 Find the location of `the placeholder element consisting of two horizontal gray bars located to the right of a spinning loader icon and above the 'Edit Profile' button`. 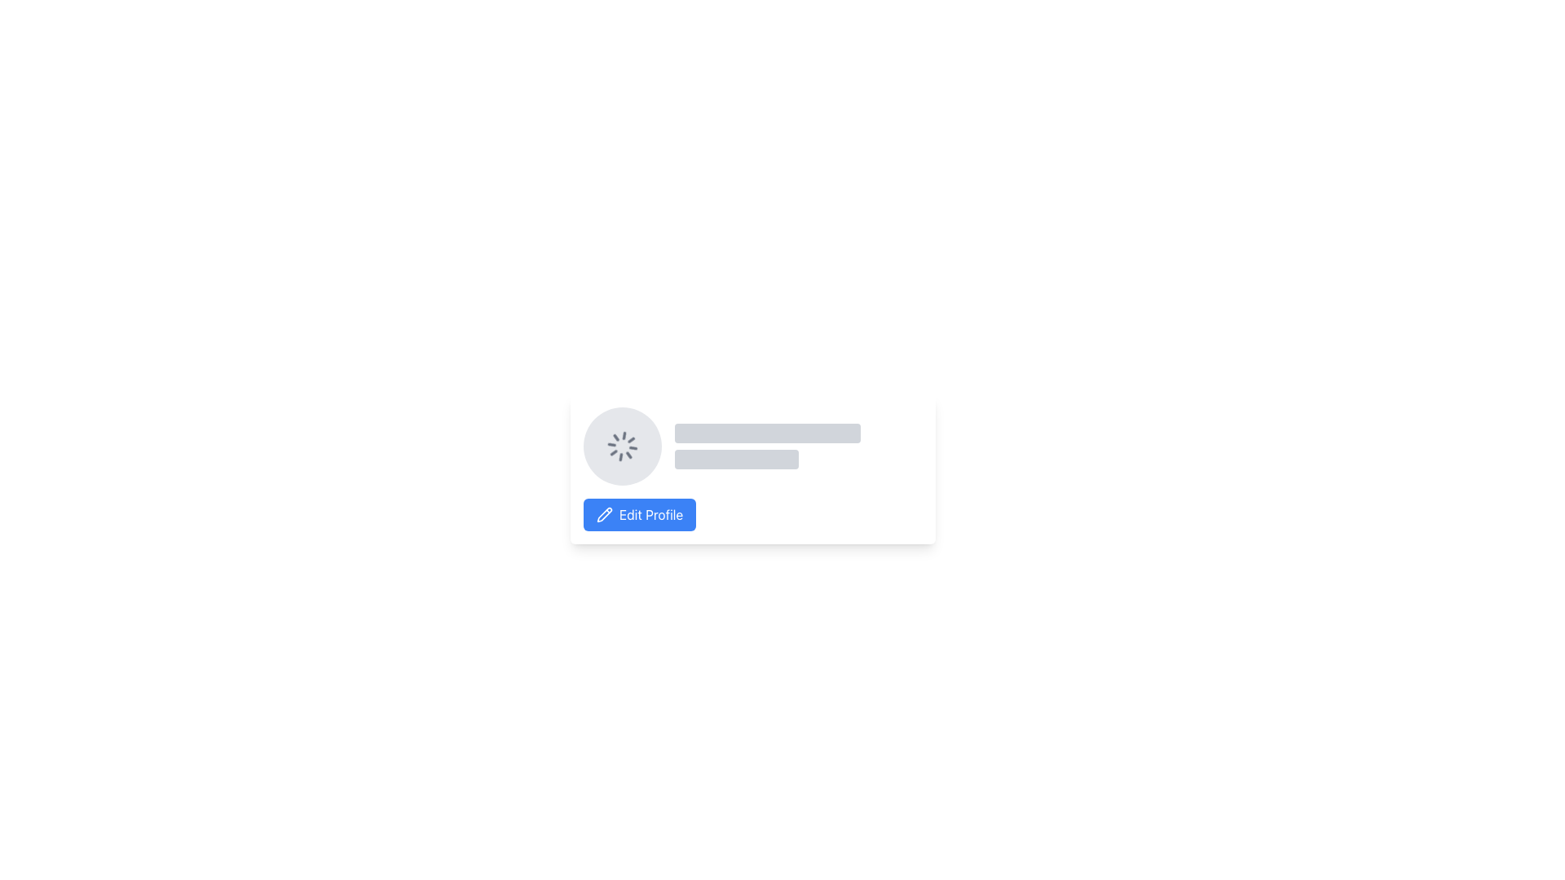

the placeholder element consisting of two horizontal gray bars located to the right of a spinning loader icon and above the 'Edit Profile' button is located at coordinates (798, 446).